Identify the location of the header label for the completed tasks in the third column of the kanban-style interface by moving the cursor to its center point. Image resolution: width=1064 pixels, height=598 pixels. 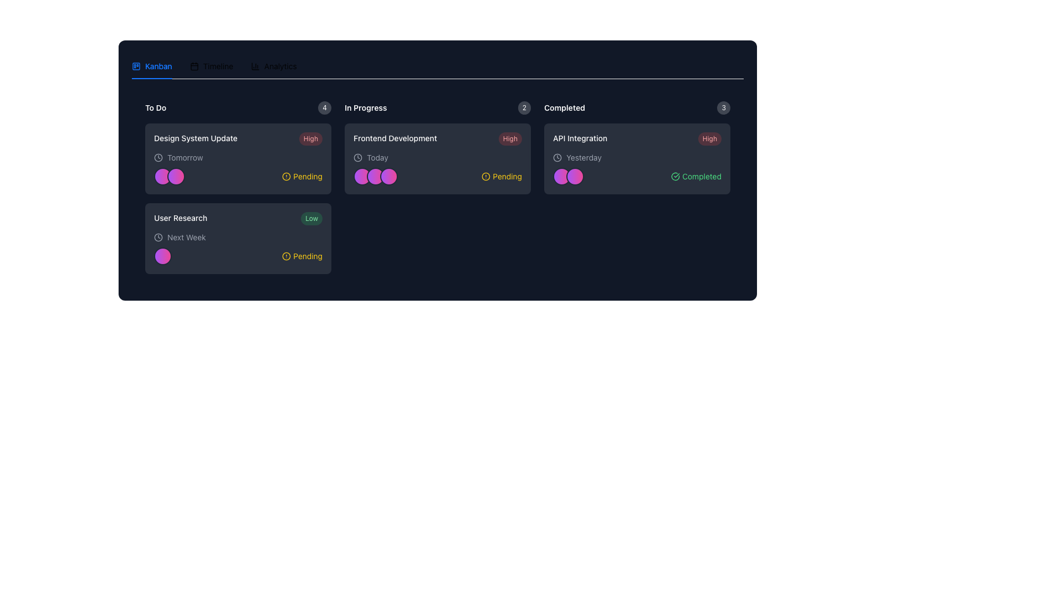
(564, 108).